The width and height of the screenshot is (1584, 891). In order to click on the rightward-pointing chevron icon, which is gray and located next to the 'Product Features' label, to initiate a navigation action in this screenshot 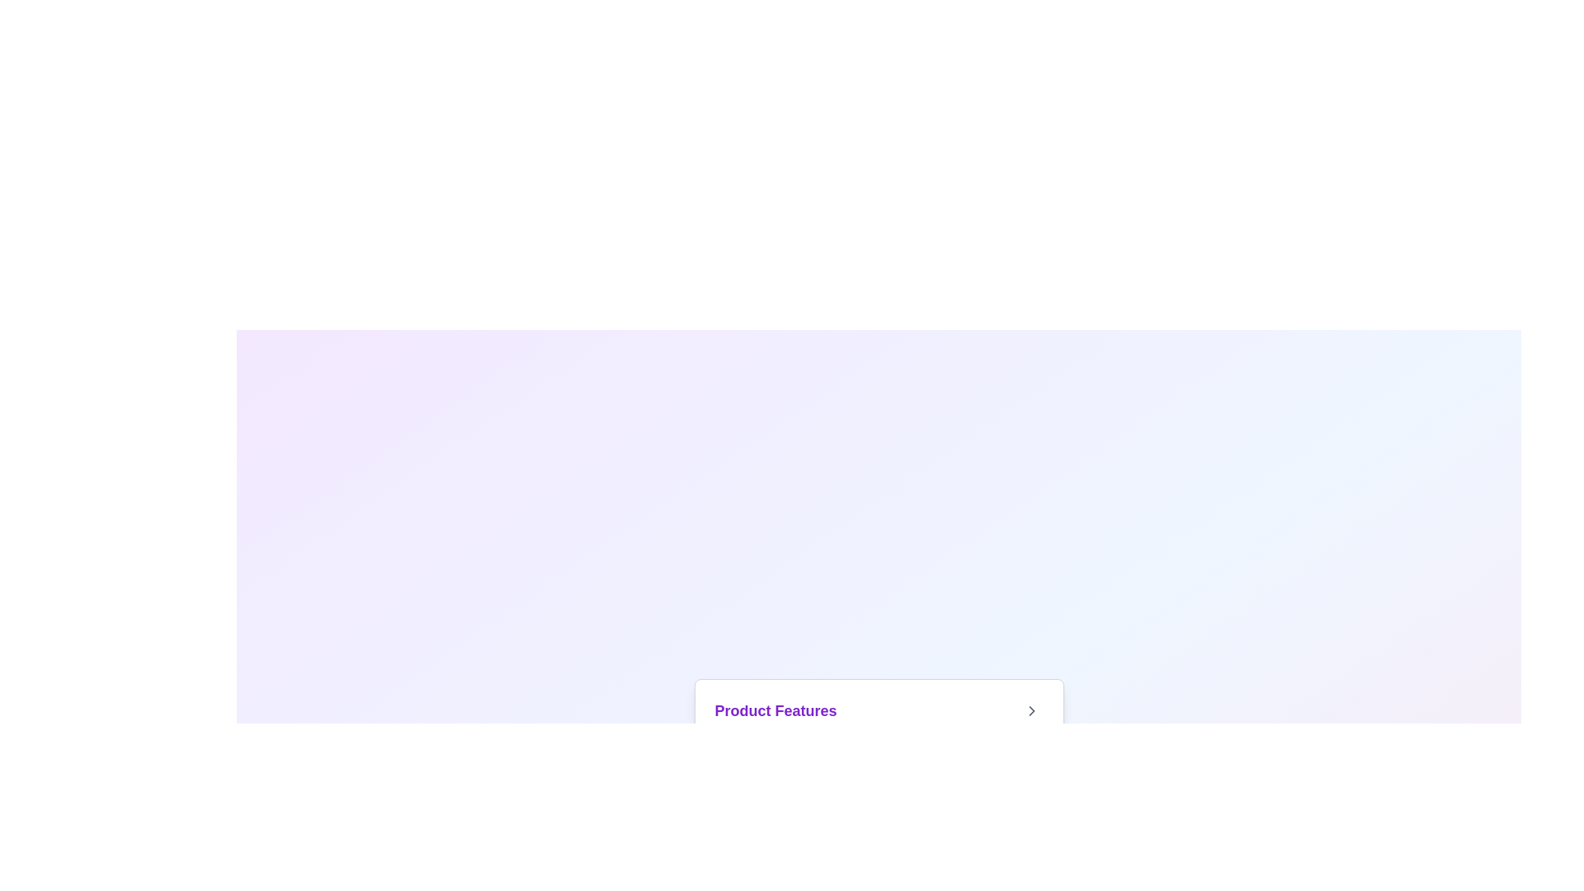, I will do `click(1030, 709)`.